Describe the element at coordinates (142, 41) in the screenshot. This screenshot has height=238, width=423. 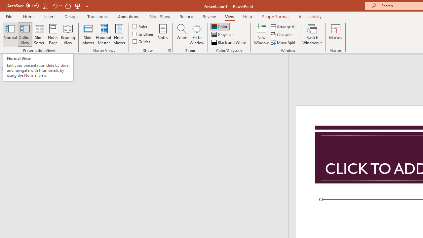
I see `'Guides'` at that location.